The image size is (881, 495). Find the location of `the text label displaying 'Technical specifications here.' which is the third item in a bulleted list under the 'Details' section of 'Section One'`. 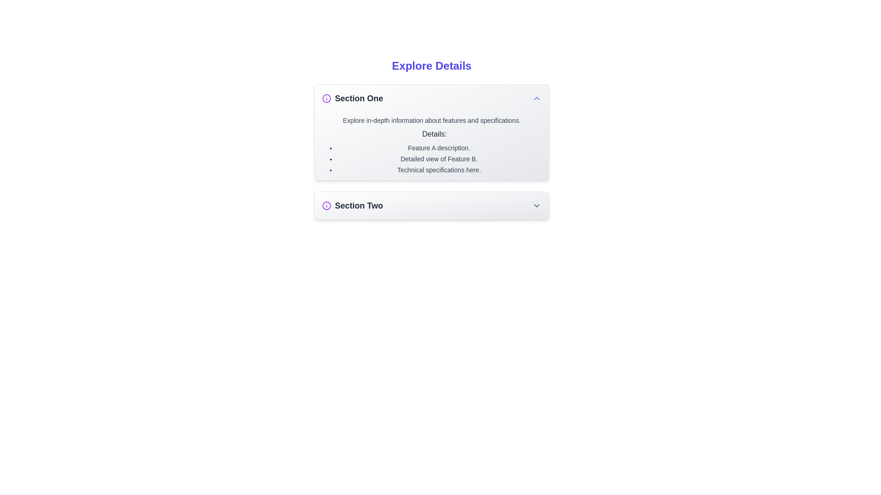

the text label displaying 'Technical specifications here.' which is the third item in a bulleted list under the 'Details' section of 'Section One' is located at coordinates (438, 171).